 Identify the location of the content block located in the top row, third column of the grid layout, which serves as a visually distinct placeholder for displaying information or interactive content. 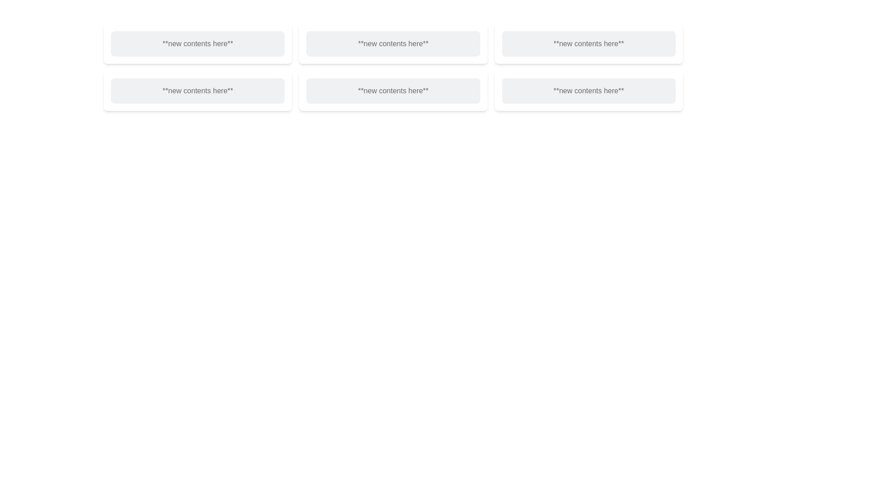
(589, 43).